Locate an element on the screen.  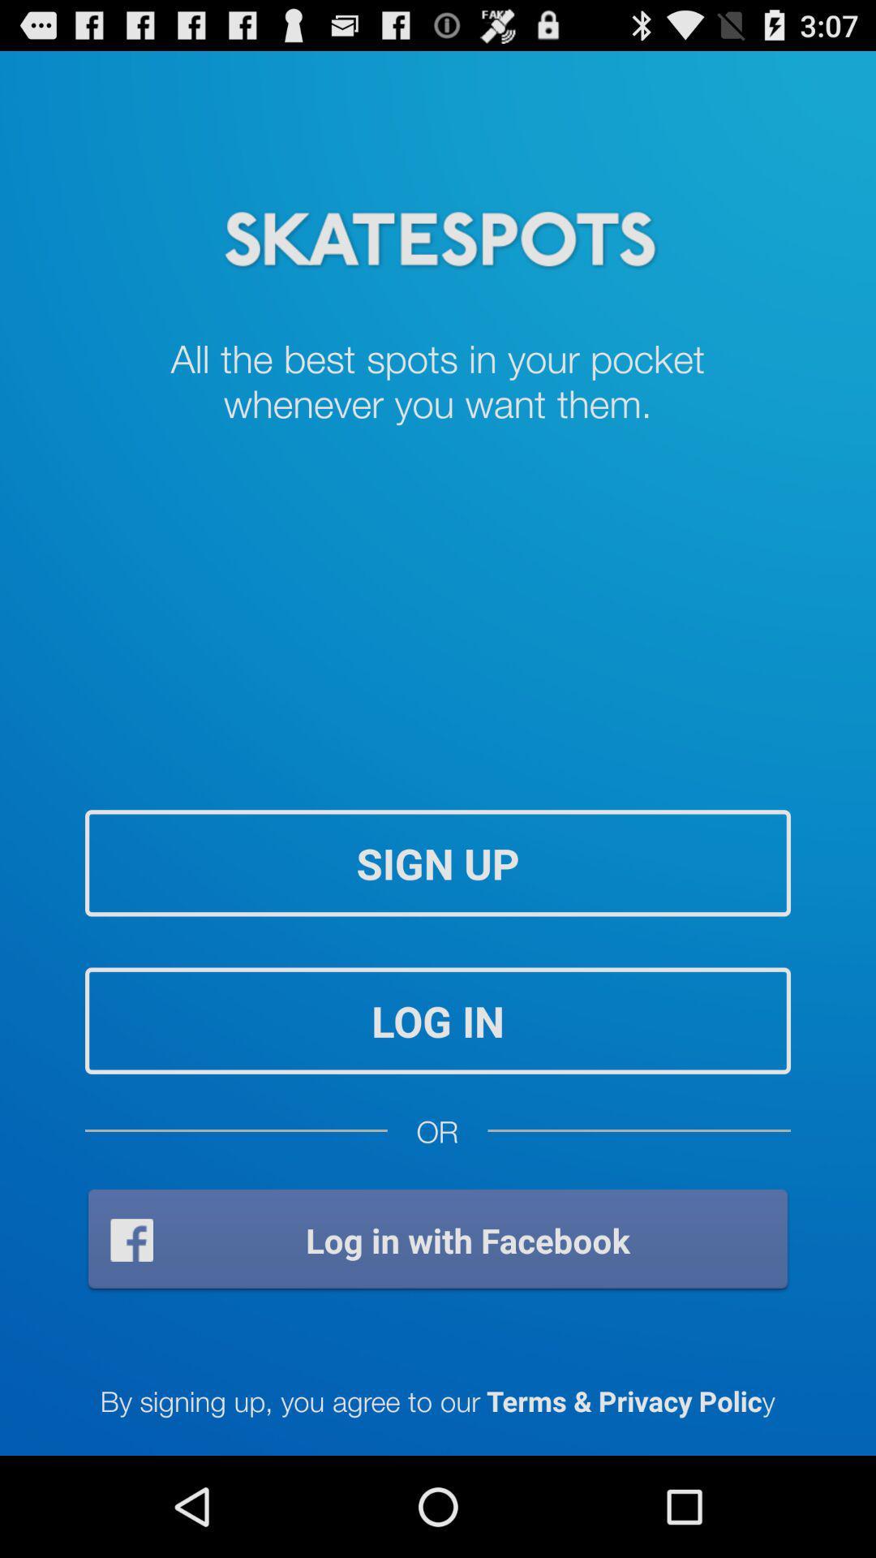
sign up button is located at coordinates (438, 862).